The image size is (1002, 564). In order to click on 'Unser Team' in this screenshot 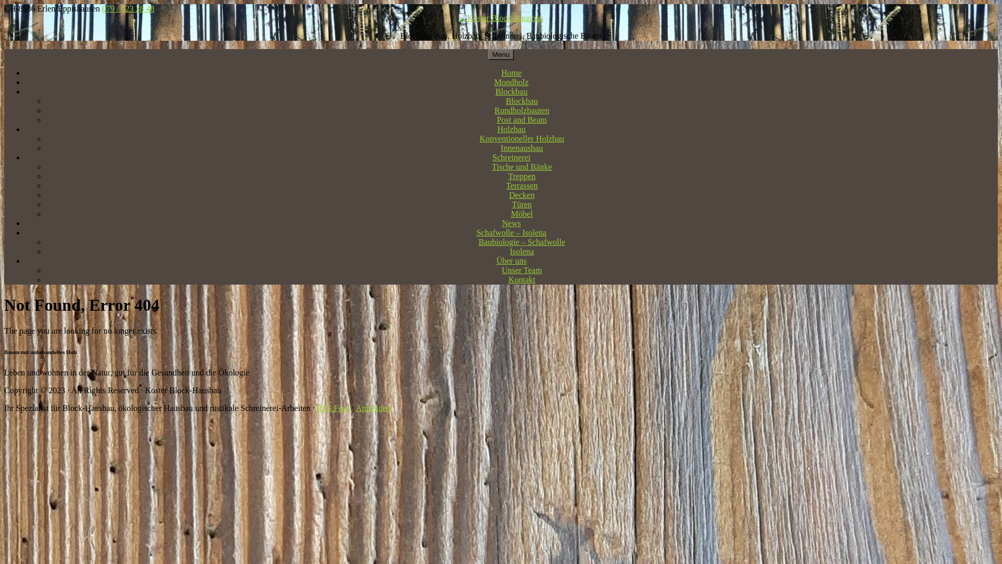, I will do `click(521, 269)`.